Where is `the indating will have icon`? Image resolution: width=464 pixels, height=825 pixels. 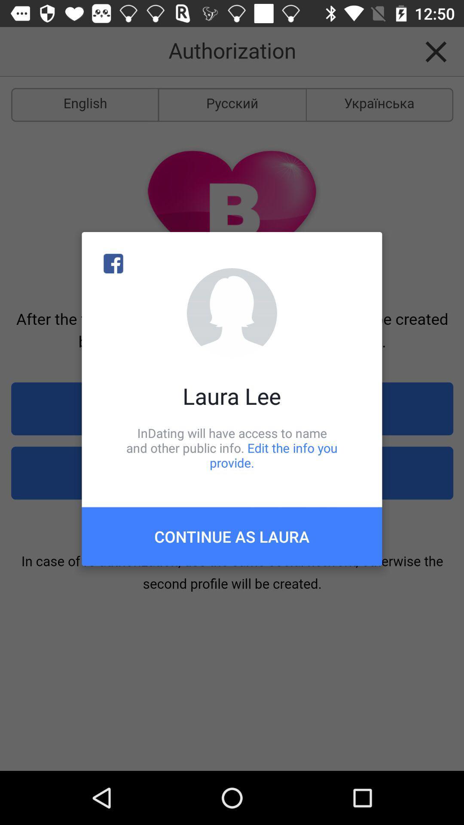 the indating will have icon is located at coordinates (232, 447).